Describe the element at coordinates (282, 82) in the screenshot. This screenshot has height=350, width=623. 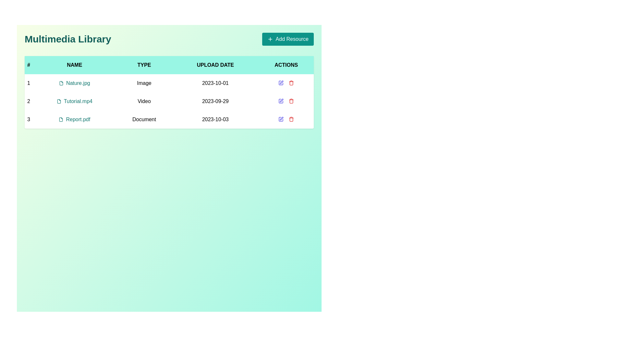
I see `the edit icon button, which resembles a pen or pencil, located in the 'Actions' column of the first row in the table` at that location.